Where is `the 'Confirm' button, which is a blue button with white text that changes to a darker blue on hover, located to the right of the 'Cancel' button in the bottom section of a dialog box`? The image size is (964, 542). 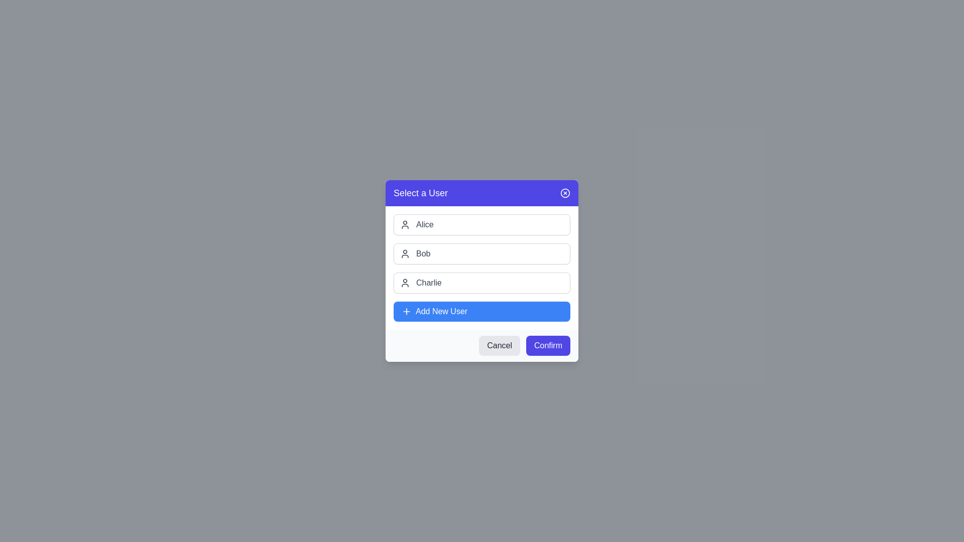
the 'Confirm' button, which is a blue button with white text that changes to a darker blue on hover, located to the right of the 'Cancel' button in the bottom section of a dialog box is located at coordinates (547, 345).